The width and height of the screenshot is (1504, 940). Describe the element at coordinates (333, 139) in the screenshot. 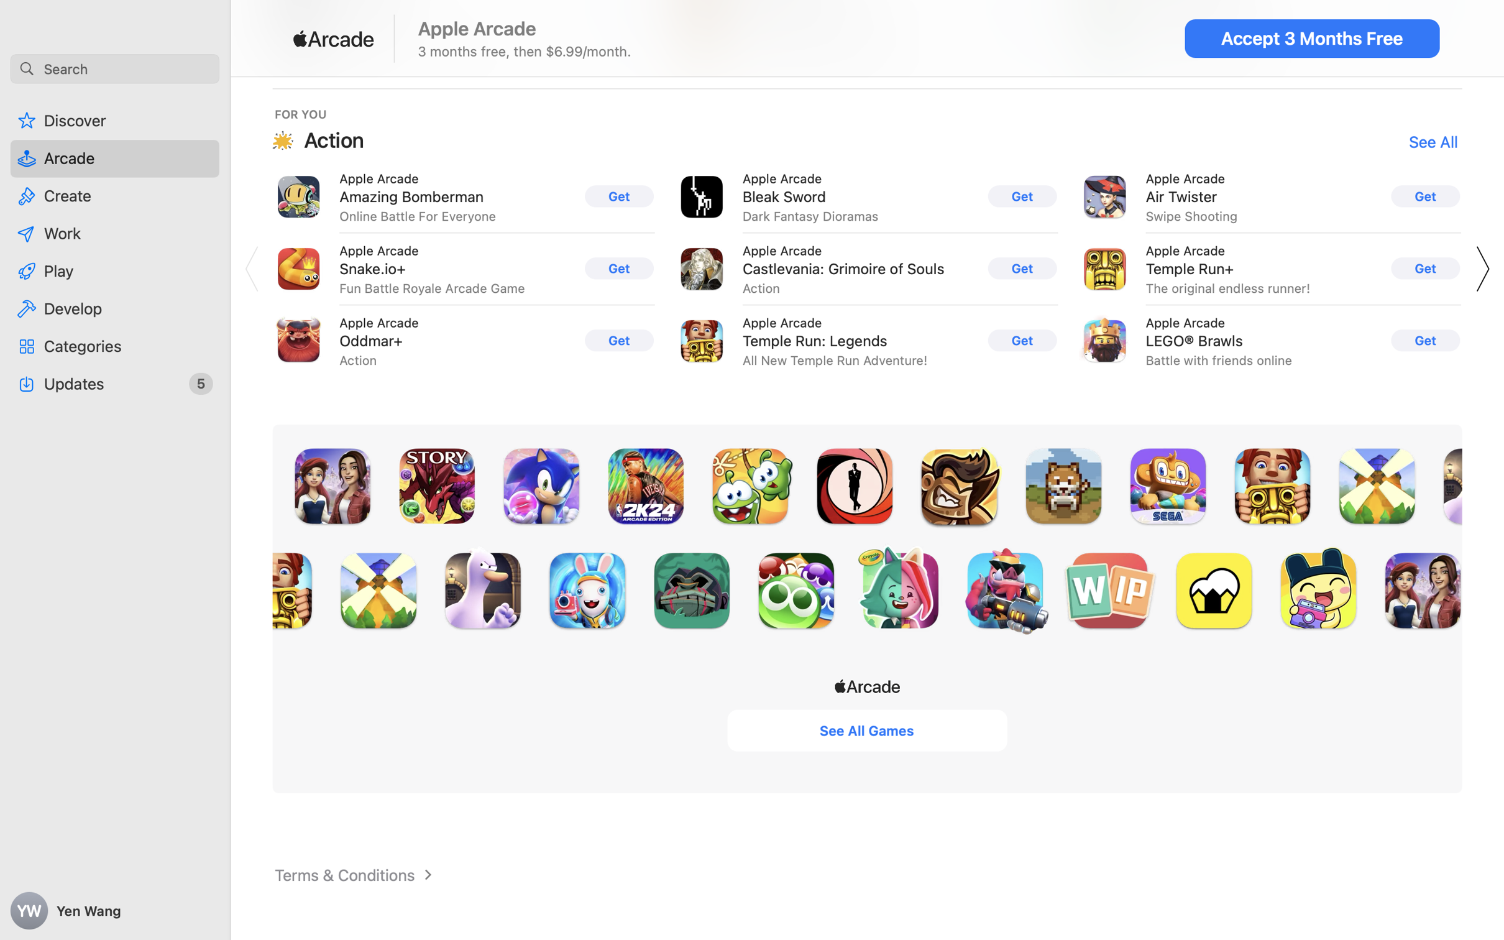

I see `'Action'` at that location.